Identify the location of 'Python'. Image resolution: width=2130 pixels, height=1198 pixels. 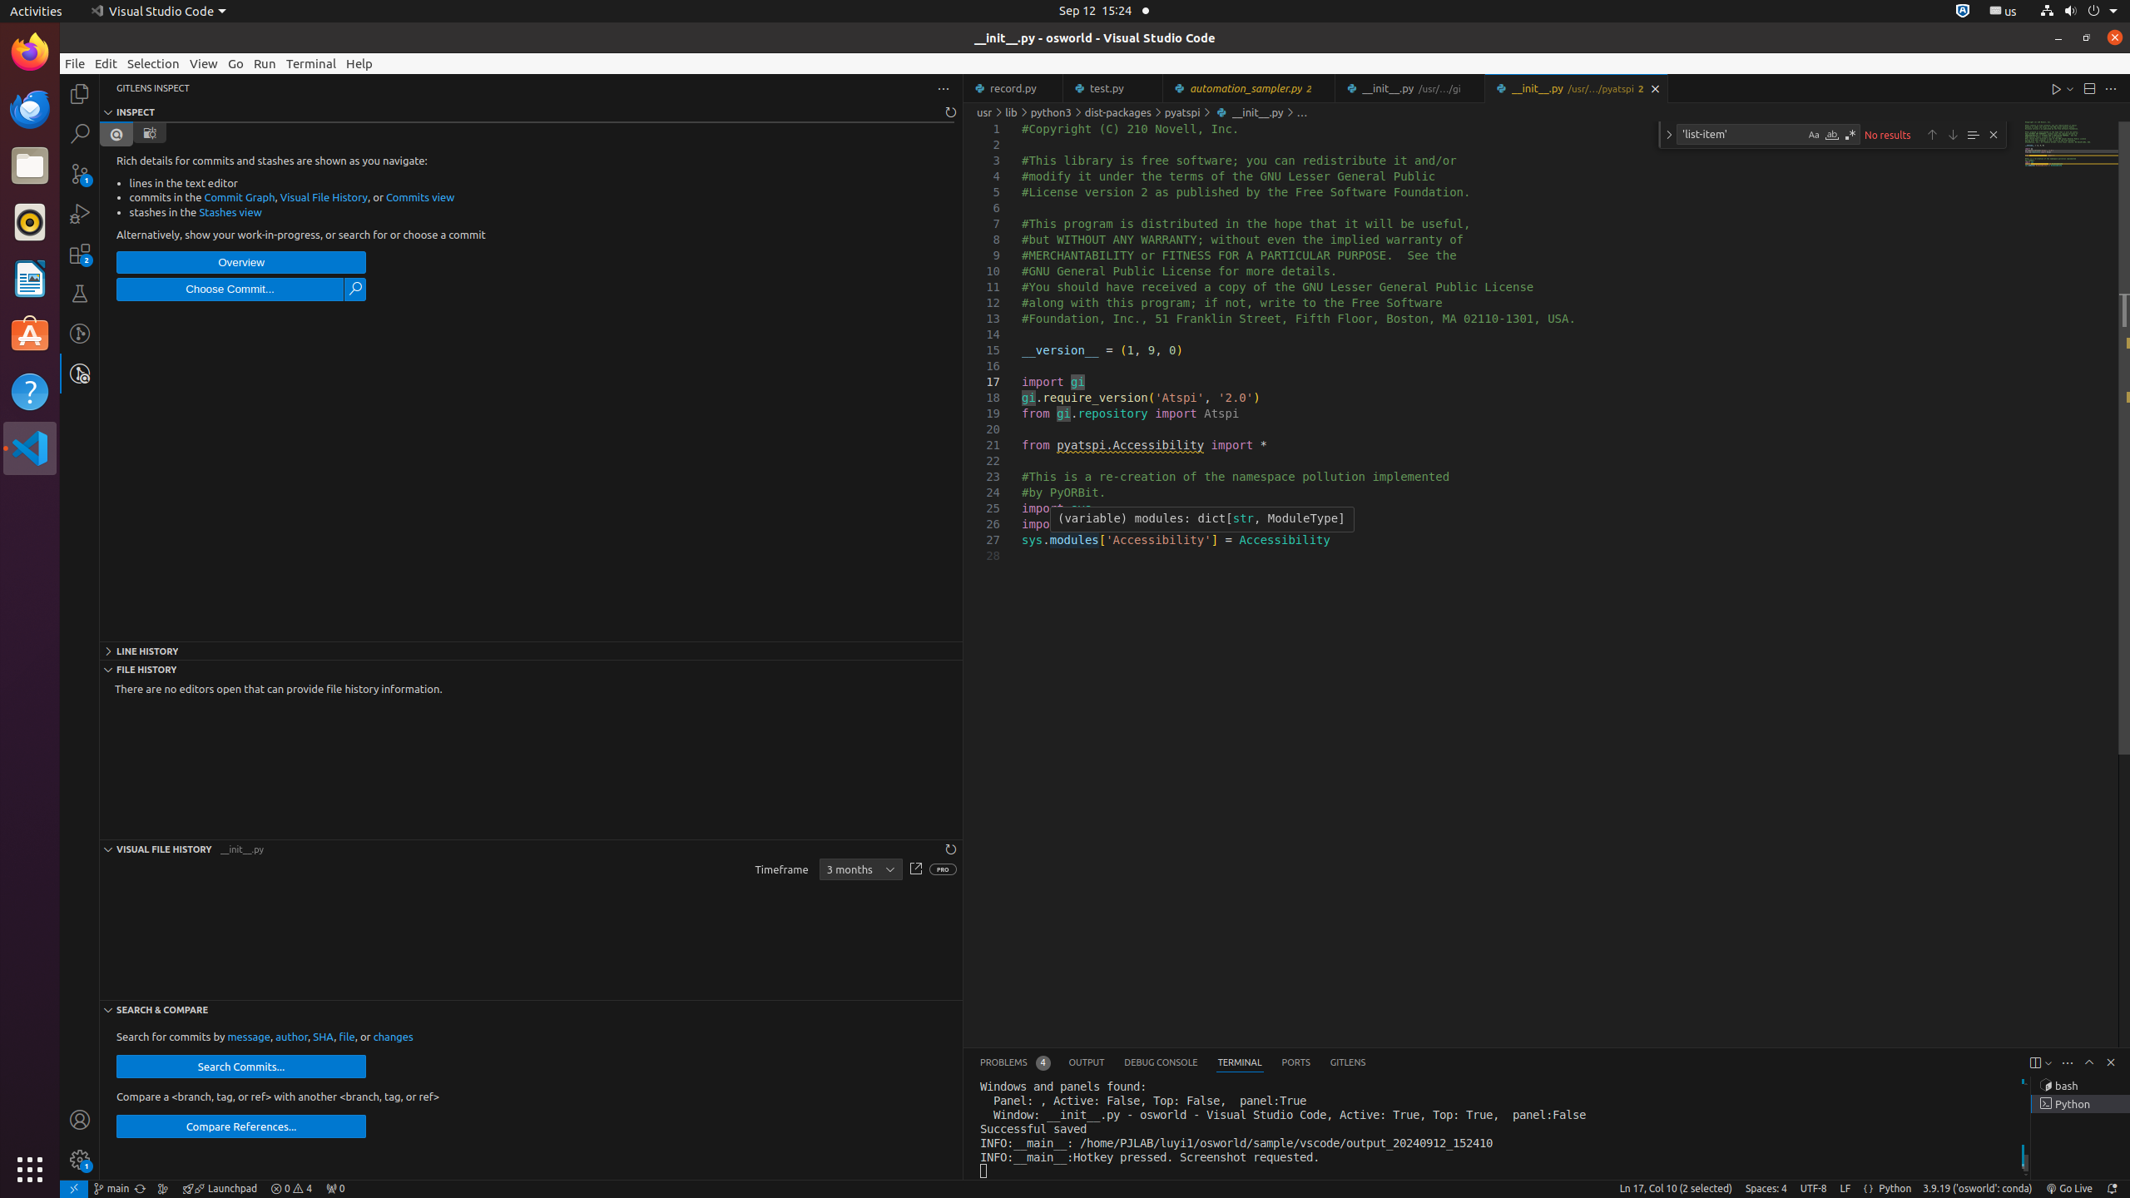
(1894, 1188).